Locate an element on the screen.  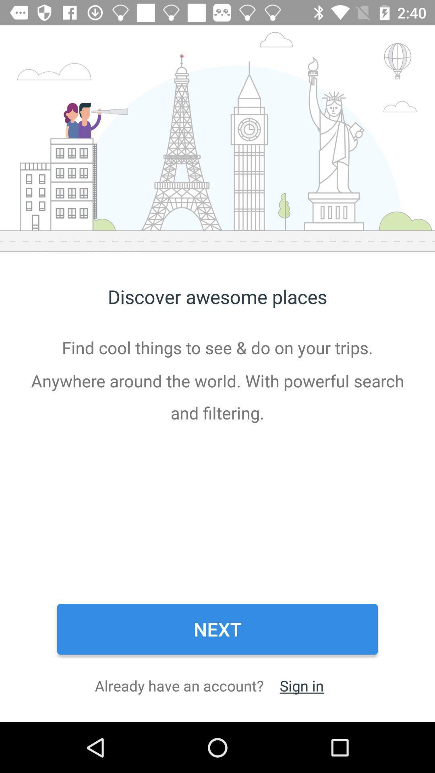
the item above the already have an is located at coordinates (217, 629).